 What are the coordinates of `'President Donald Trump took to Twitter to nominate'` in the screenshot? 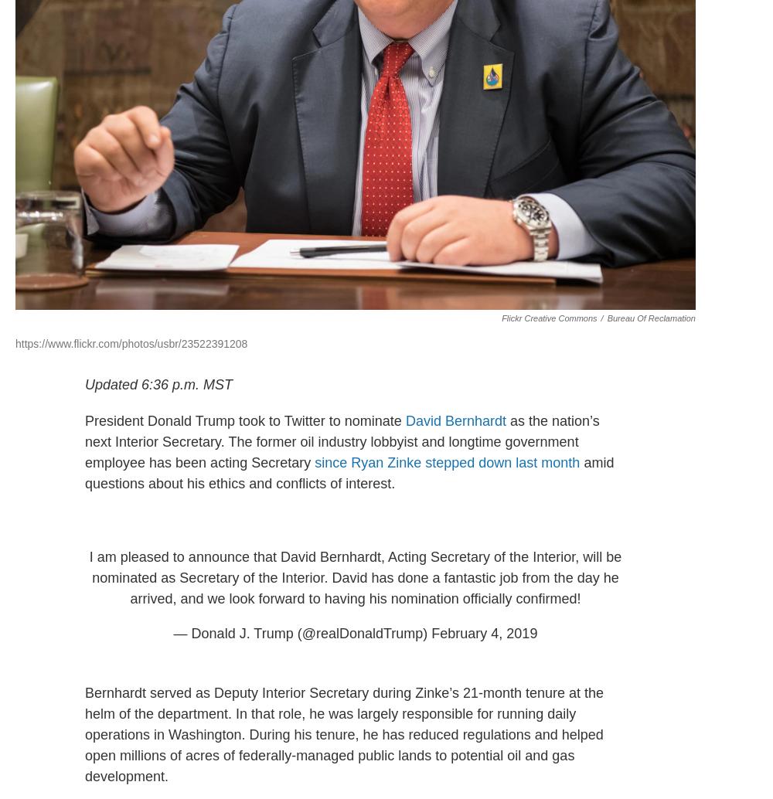 It's located at (84, 420).